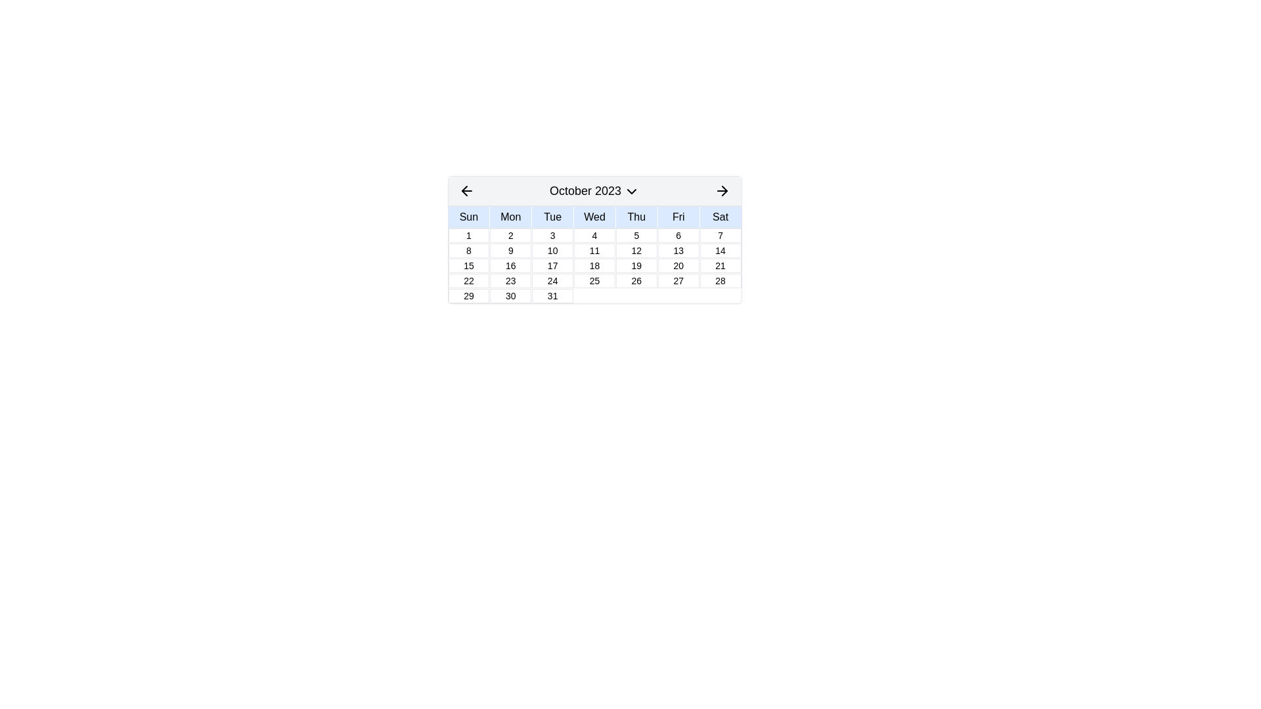 The height and width of the screenshot is (709, 1261). I want to click on the Calendar Day Cell displaying the number '16' located in the fourth row and second column of the calendar, so click(510, 266).